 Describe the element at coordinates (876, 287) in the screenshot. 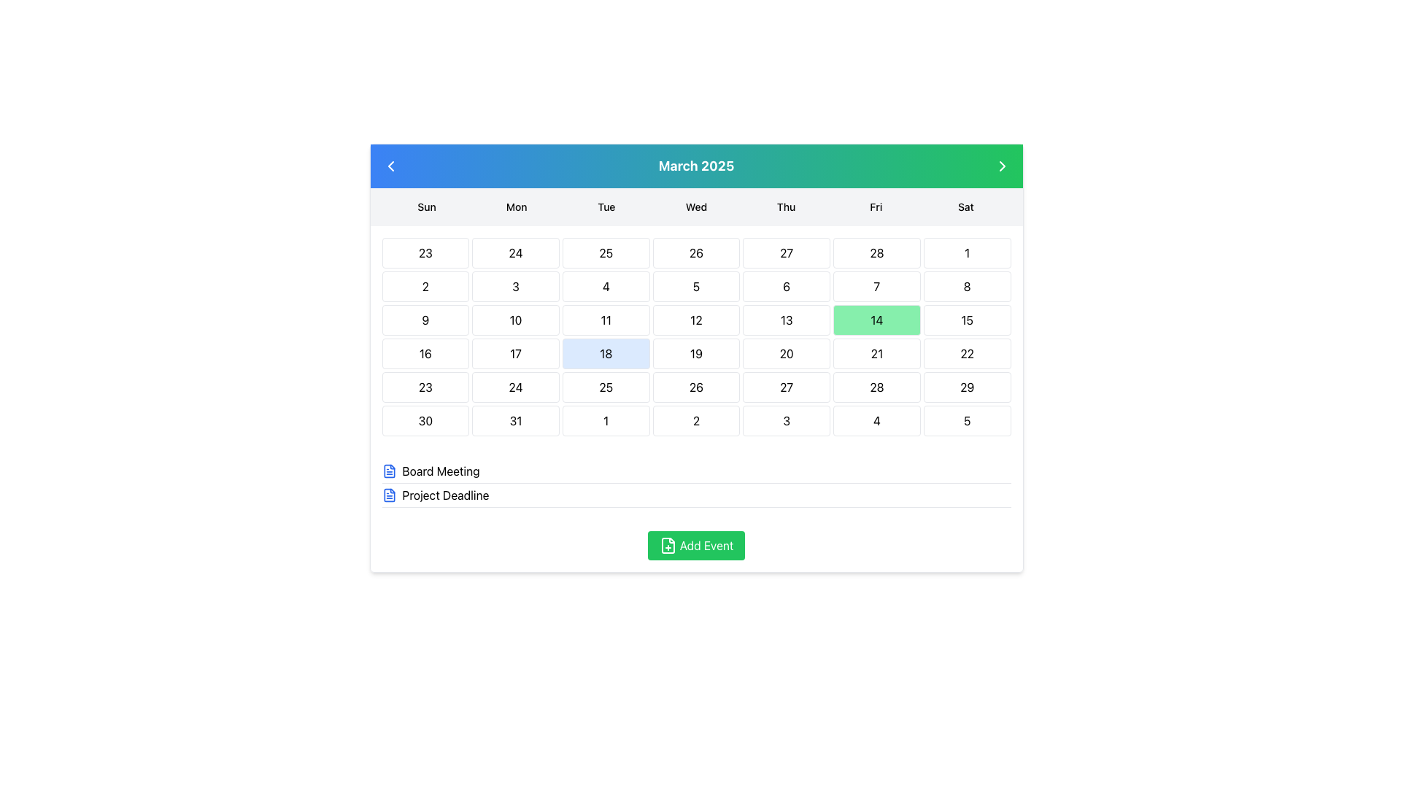

I see `on the calendar cell displaying the text '7' in the second row and sixth column of the weekly calendar layout for additional options` at that location.